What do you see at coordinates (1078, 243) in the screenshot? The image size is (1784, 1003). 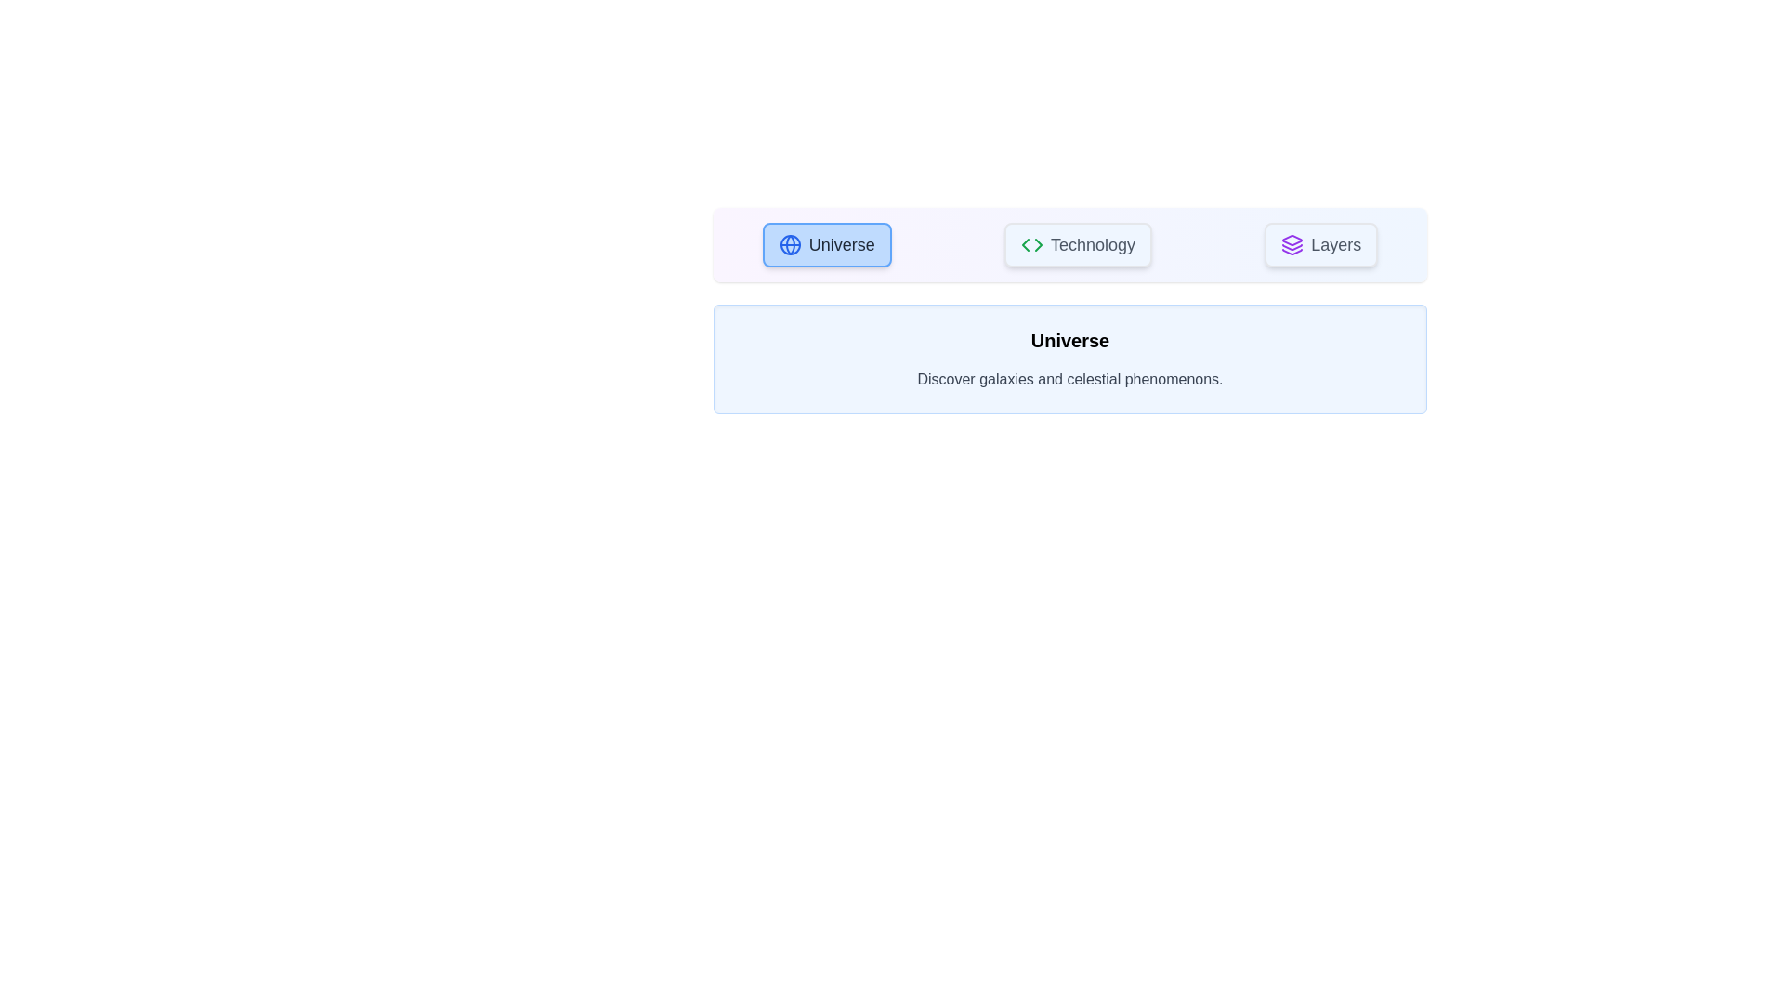 I see `the tab labeled 'Technology'` at bounding box center [1078, 243].